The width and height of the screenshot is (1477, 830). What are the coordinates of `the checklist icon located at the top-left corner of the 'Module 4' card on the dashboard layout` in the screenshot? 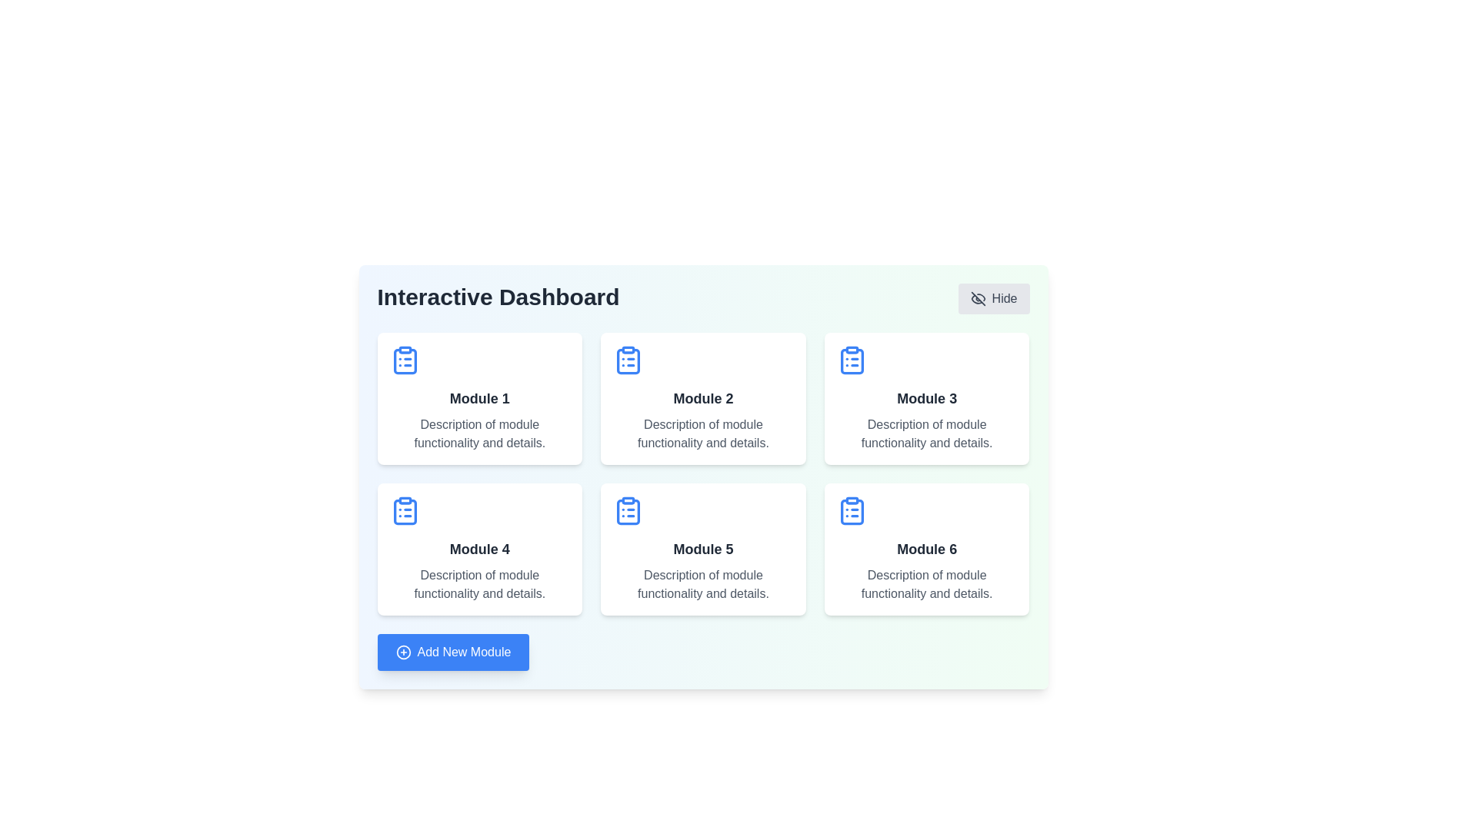 It's located at (405, 510).